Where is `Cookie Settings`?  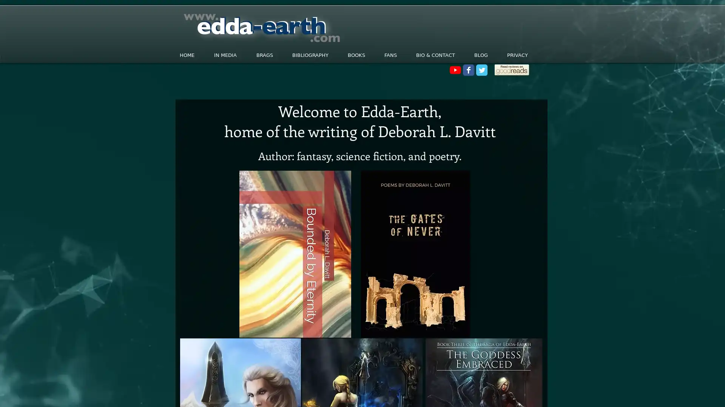
Cookie Settings is located at coordinates (643, 393).